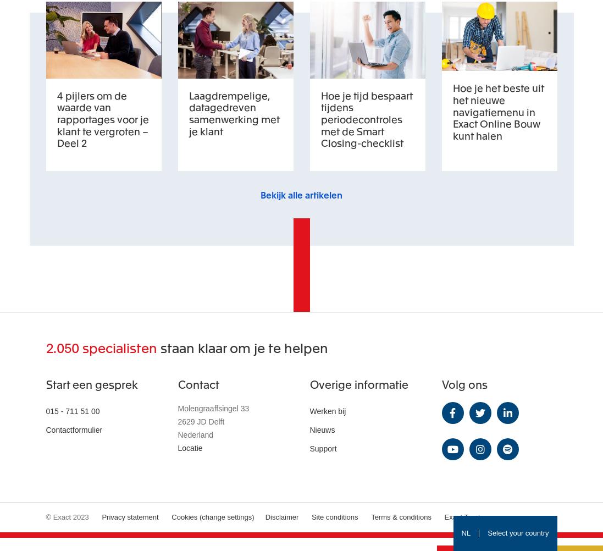  What do you see at coordinates (309, 383) in the screenshot?
I see `'Overige informatie'` at bounding box center [309, 383].